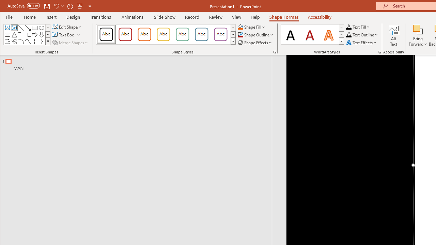 The height and width of the screenshot is (245, 436). Describe the element at coordinates (362, 35) in the screenshot. I see `'Text Outline'` at that location.